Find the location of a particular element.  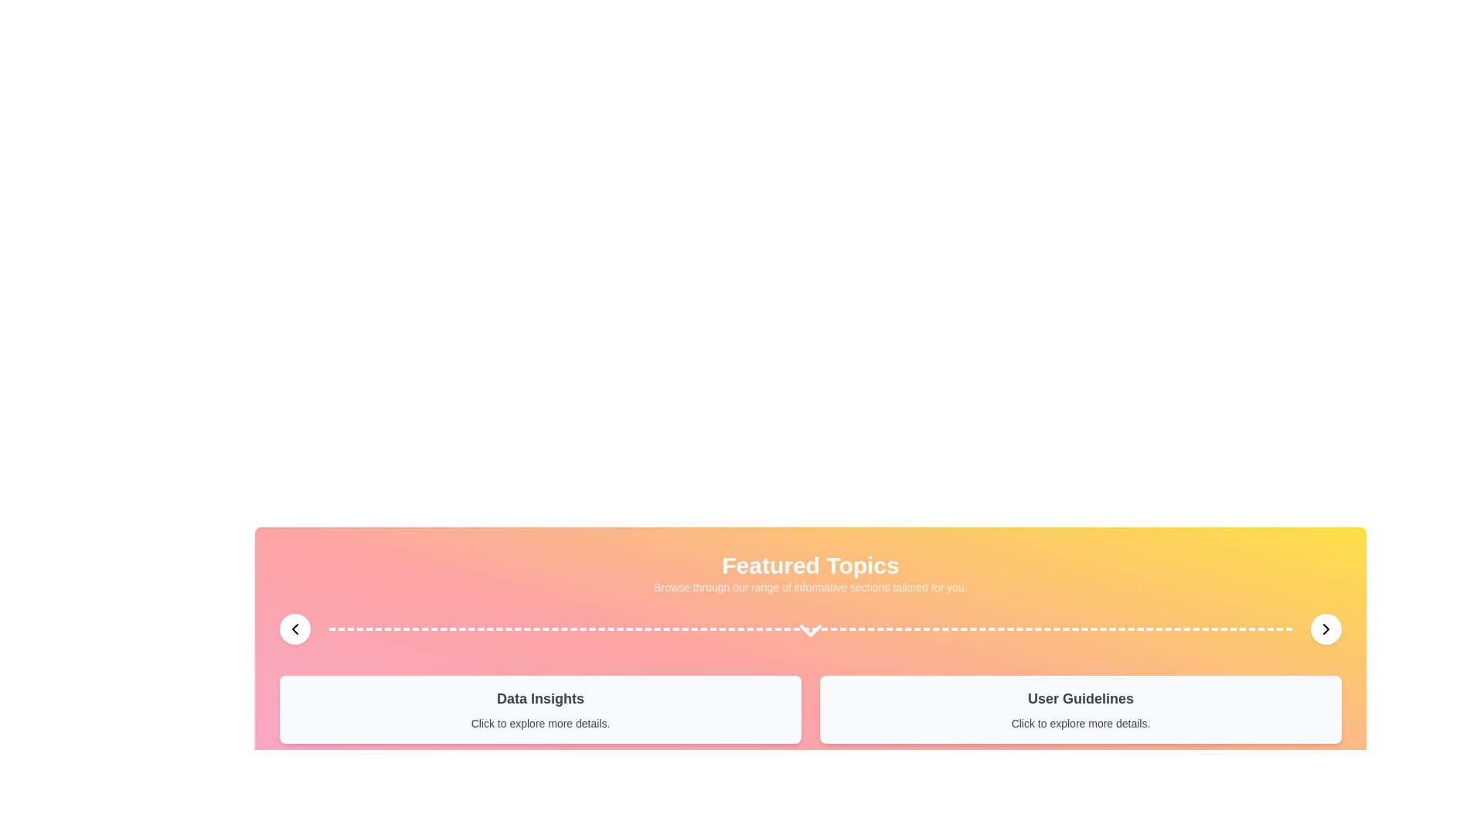

the backward navigation button located at the far left of the horizontal bar is located at coordinates (295, 629).